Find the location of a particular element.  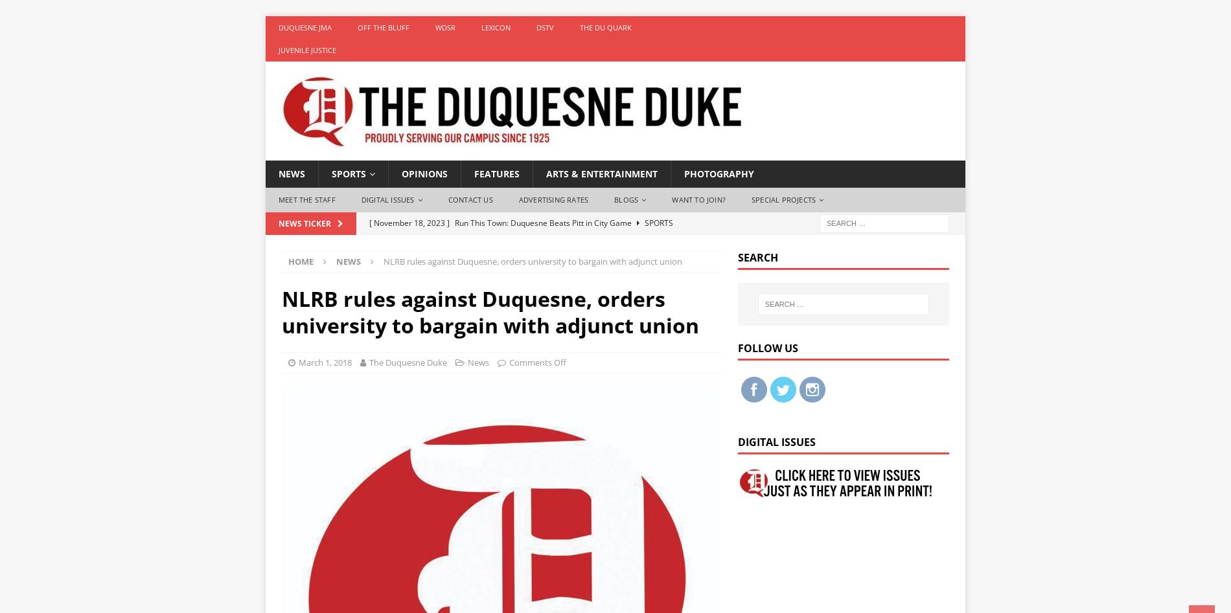

'Follow us' is located at coordinates (767, 347).